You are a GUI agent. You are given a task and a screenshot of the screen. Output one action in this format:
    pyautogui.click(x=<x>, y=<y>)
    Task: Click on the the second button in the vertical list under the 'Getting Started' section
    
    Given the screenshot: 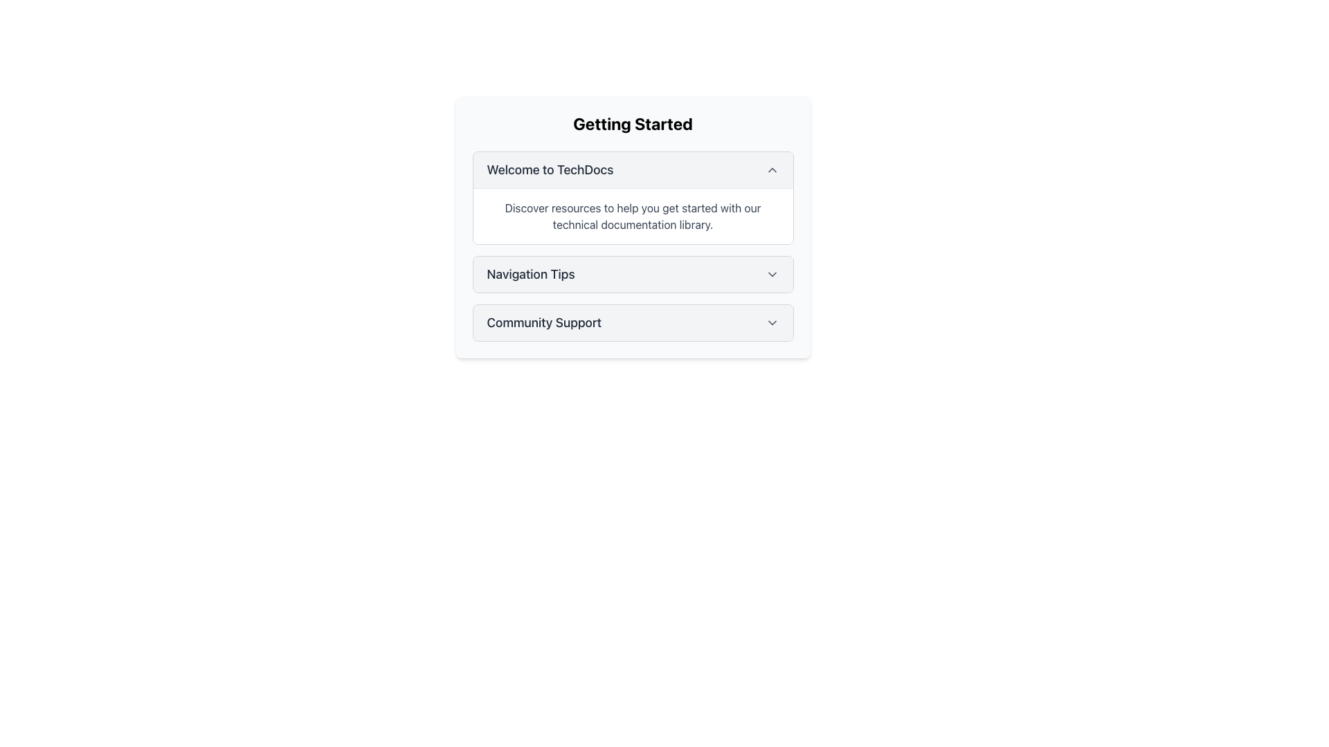 What is the action you would take?
    pyautogui.click(x=632, y=275)
    